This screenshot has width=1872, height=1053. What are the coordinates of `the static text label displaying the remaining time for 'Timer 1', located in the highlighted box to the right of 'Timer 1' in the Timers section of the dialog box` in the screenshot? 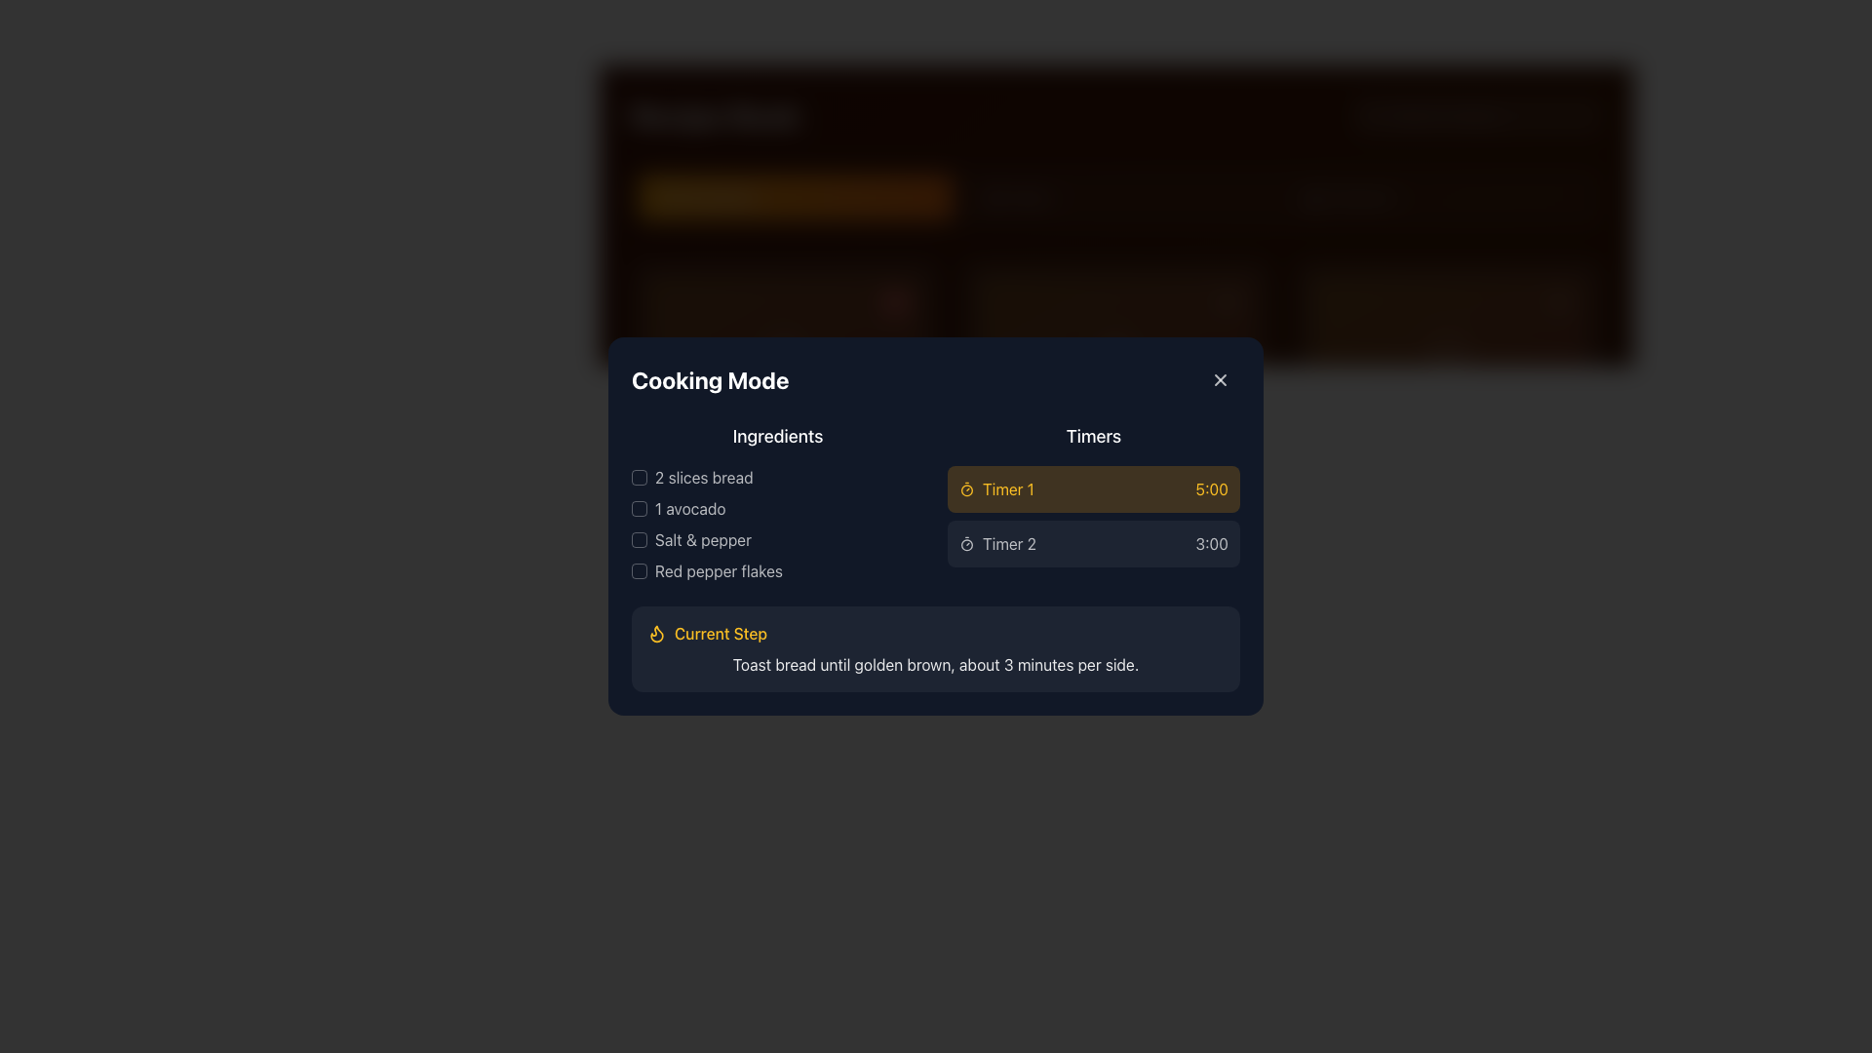 It's located at (1211, 487).